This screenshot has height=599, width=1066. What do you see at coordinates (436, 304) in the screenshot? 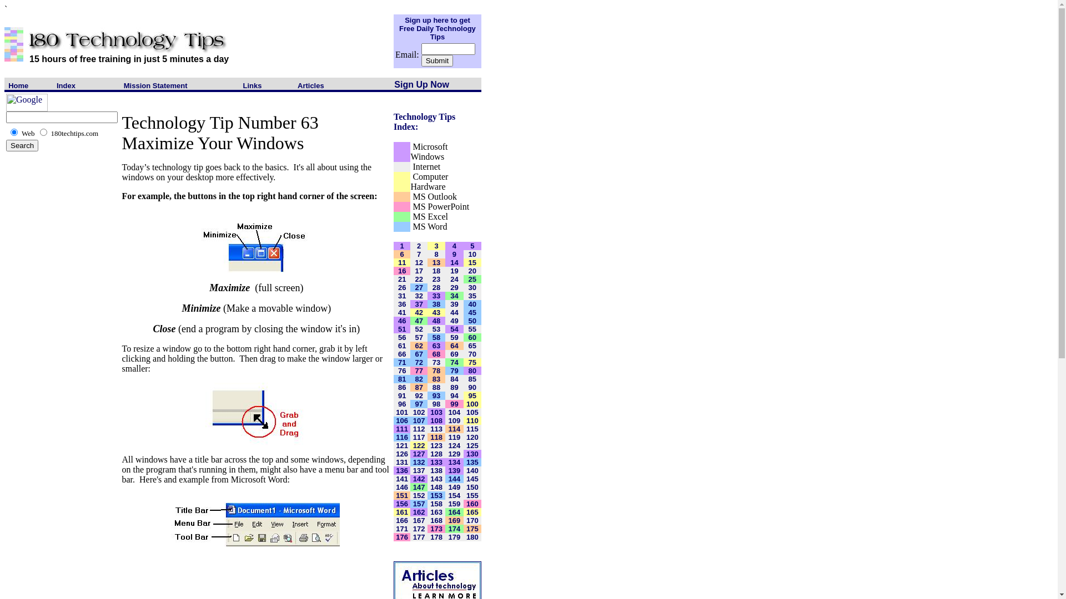
I see `'38'` at bounding box center [436, 304].